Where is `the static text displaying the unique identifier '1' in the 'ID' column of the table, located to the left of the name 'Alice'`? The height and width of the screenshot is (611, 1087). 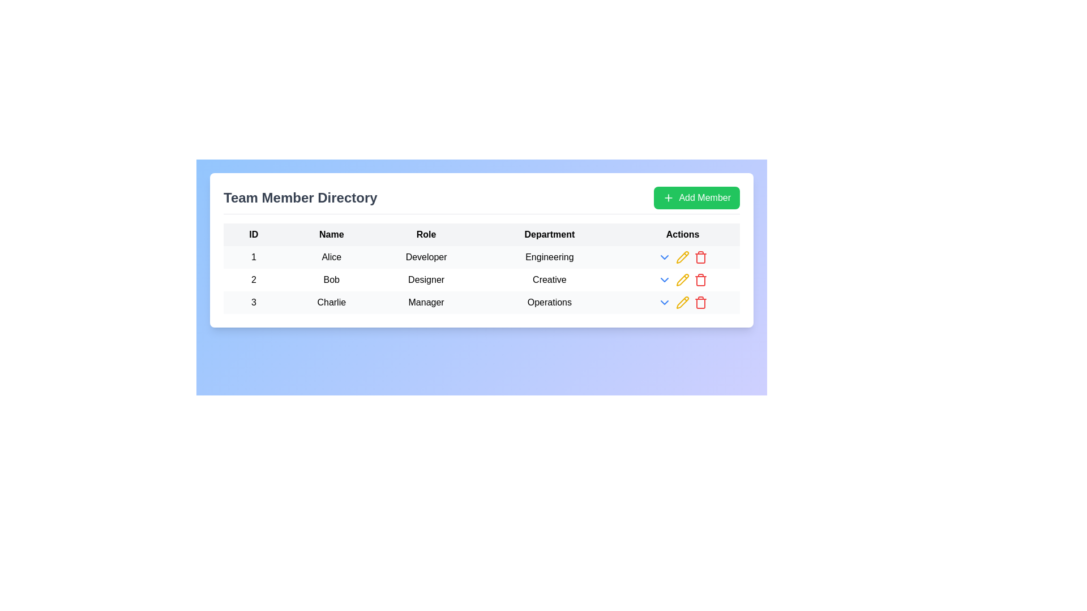
the static text displaying the unique identifier '1' in the 'ID' column of the table, located to the left of the name 'Alice' is located at coordinates (253, 257).